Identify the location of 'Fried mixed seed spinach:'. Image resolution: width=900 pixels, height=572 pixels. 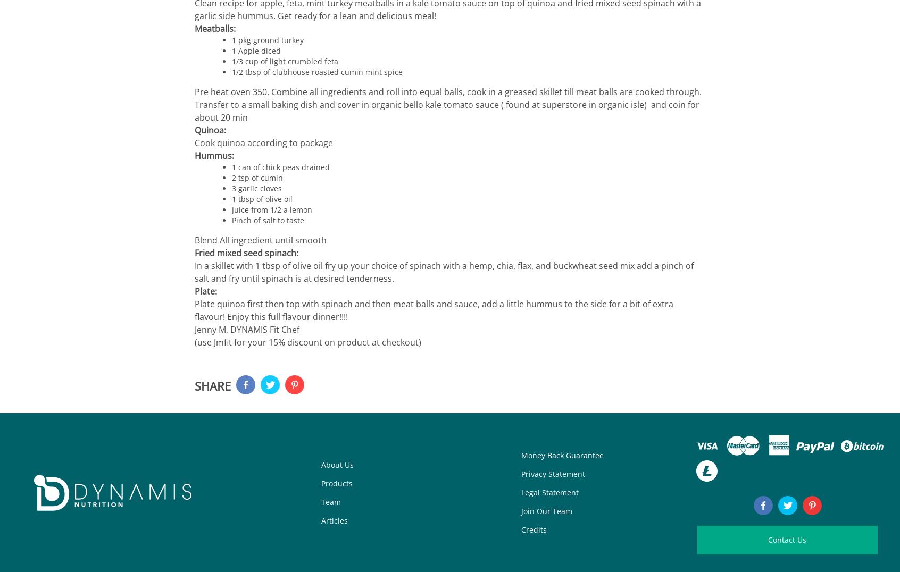
(246, 253).